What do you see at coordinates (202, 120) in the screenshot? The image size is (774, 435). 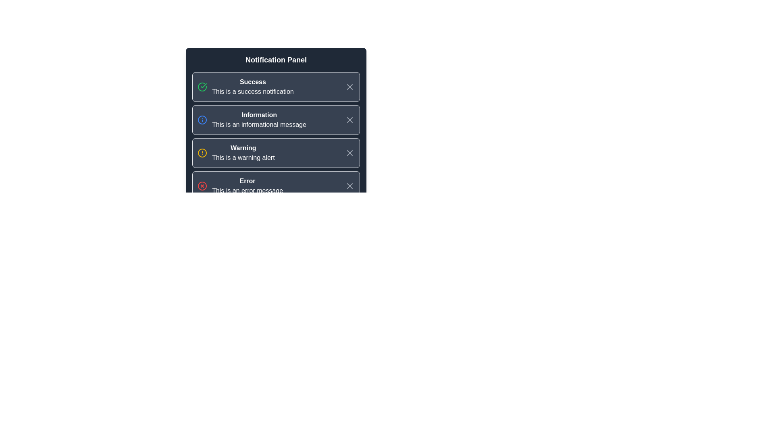 I see `the circular blue icon with a central dot located in the notification panel entry titled 'Information', which is the leftmost component before the text 'This is an informational message'` at bounding box center [202, 120].